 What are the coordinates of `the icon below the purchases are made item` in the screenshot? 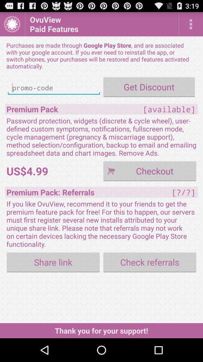 It's located at (149, 87).